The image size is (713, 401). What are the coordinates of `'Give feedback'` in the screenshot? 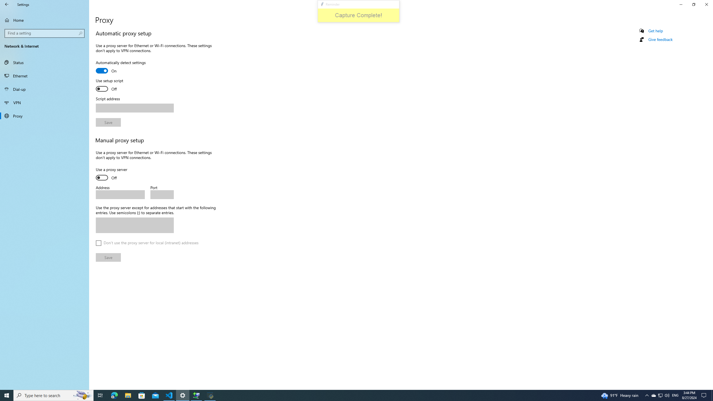 It's located at (660, 39).